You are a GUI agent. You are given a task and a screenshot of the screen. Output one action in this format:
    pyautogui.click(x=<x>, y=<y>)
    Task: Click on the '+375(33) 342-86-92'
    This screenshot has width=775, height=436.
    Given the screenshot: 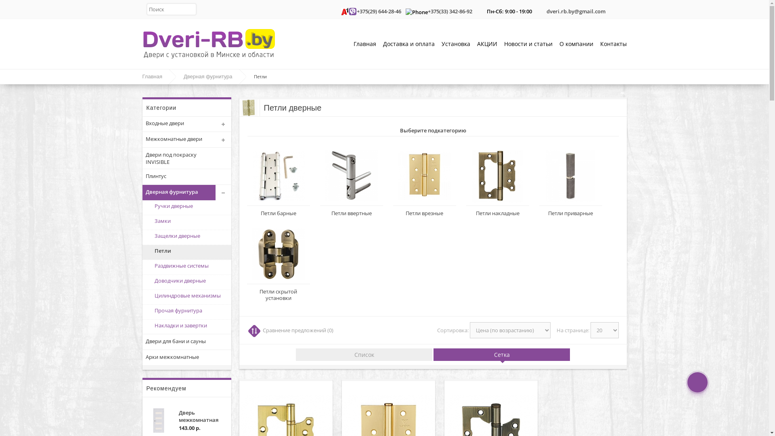 What is the action you would take?
    pyautogui.click(x=427, y=11)
    